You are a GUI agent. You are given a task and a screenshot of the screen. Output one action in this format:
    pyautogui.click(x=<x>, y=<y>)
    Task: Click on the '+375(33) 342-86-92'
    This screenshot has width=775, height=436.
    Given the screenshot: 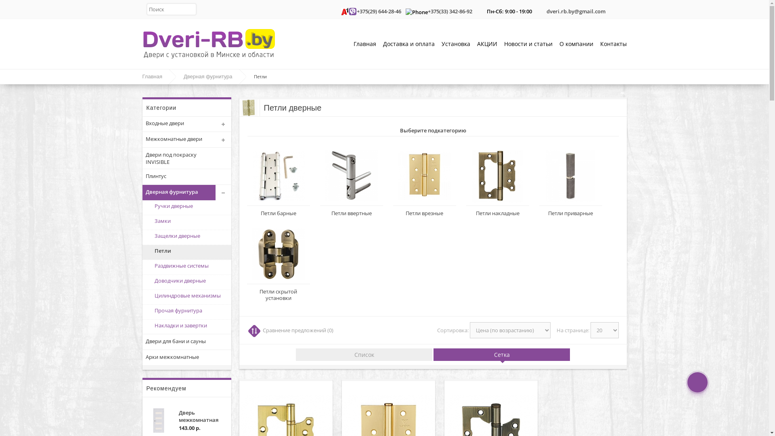 What is the action you would take?
    pyautogui.click(x=427, y=11)
    